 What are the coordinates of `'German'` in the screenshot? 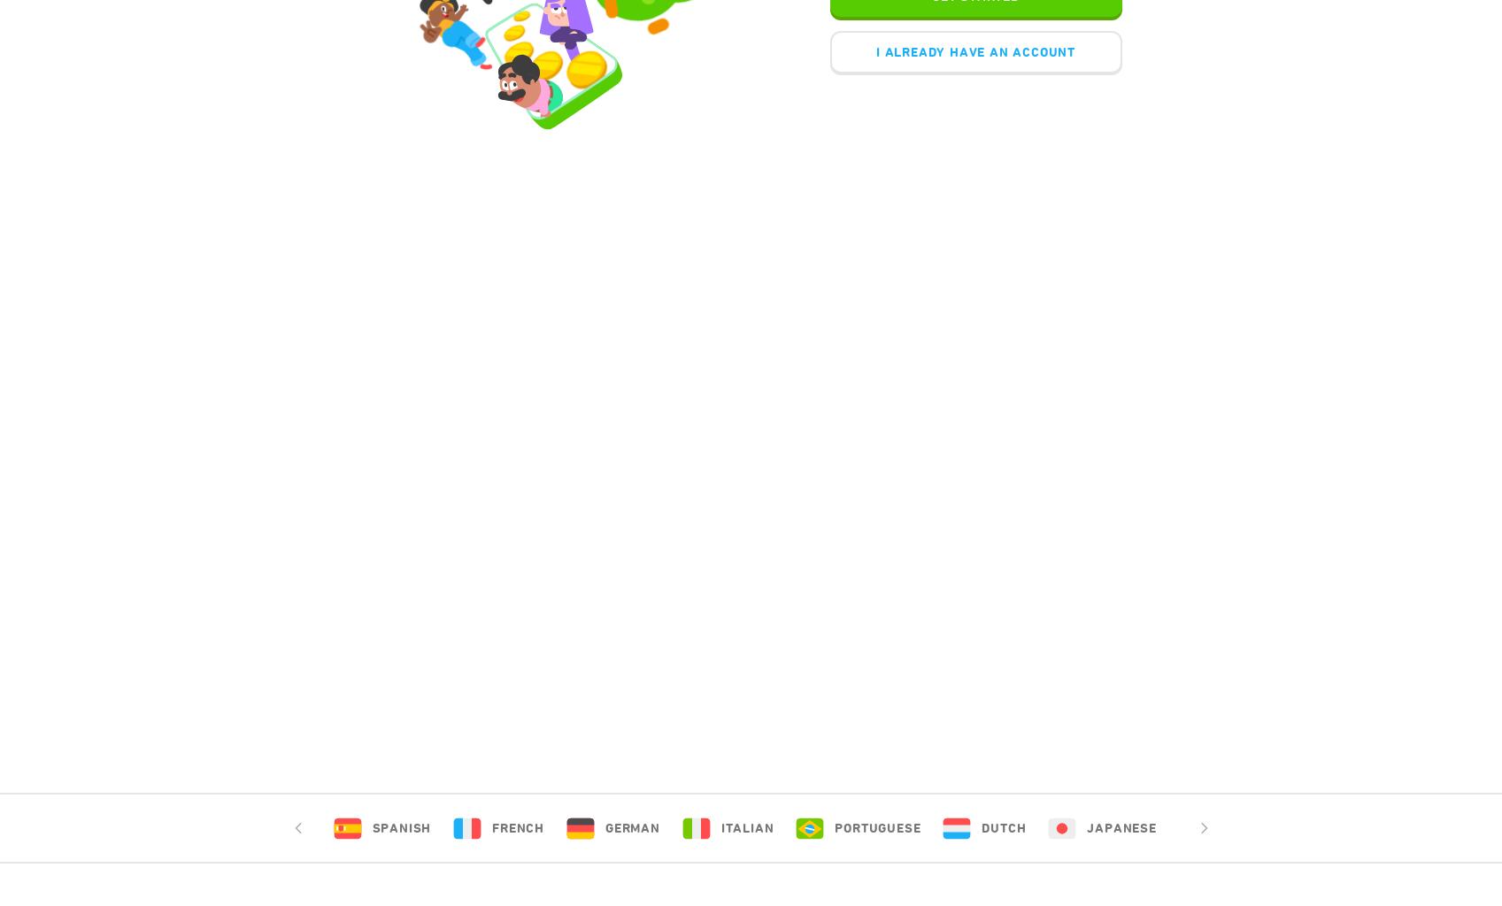 It's located at (630, 827).